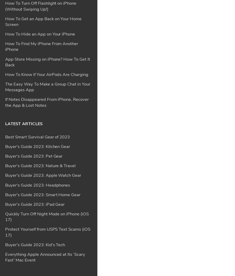 Image resolution: width=235 pixels, height=276 pixels. I want to click on 'Buyer's Guide 2023: iPad Gear', so click(35, 52).